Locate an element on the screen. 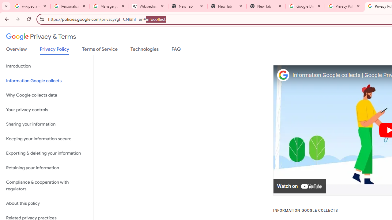  'Personalization & Google Search results - Google Search Help' is located at coordinates (70, 6).